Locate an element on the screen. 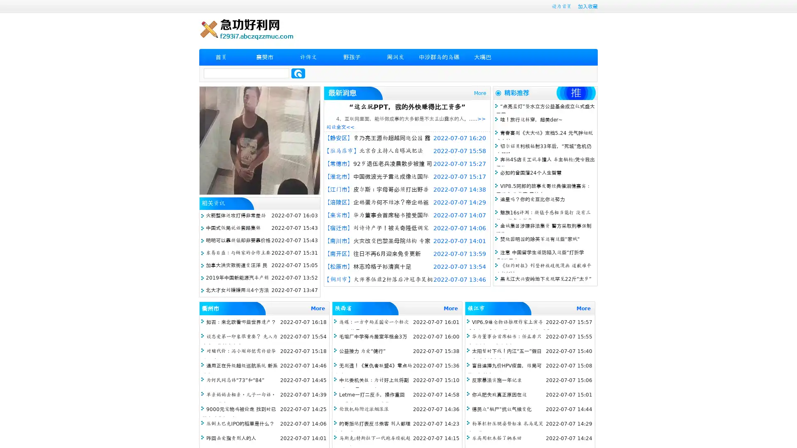 The height and width of the screenshot is (448, 797). Search is located at coordinates (298, 73).